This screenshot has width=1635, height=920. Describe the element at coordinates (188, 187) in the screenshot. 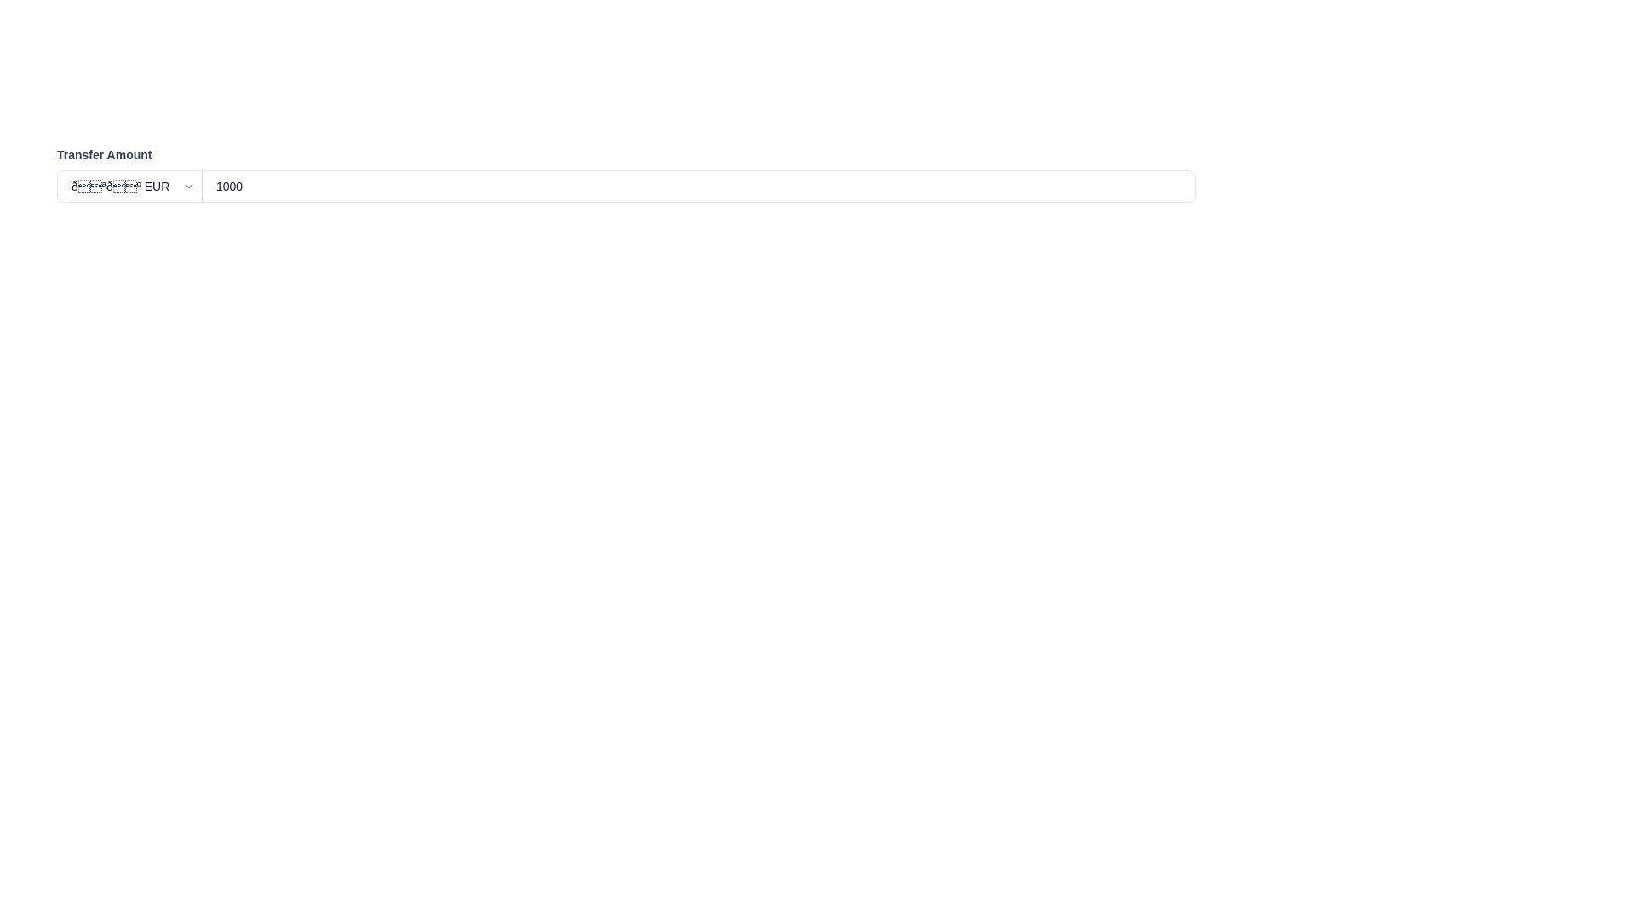

I see `the small downward-pointing chevron arrow icon indicating a dropdown menu located to the right of the currency label 'EUR' in the 'Transfer Amount' input field` at that location.